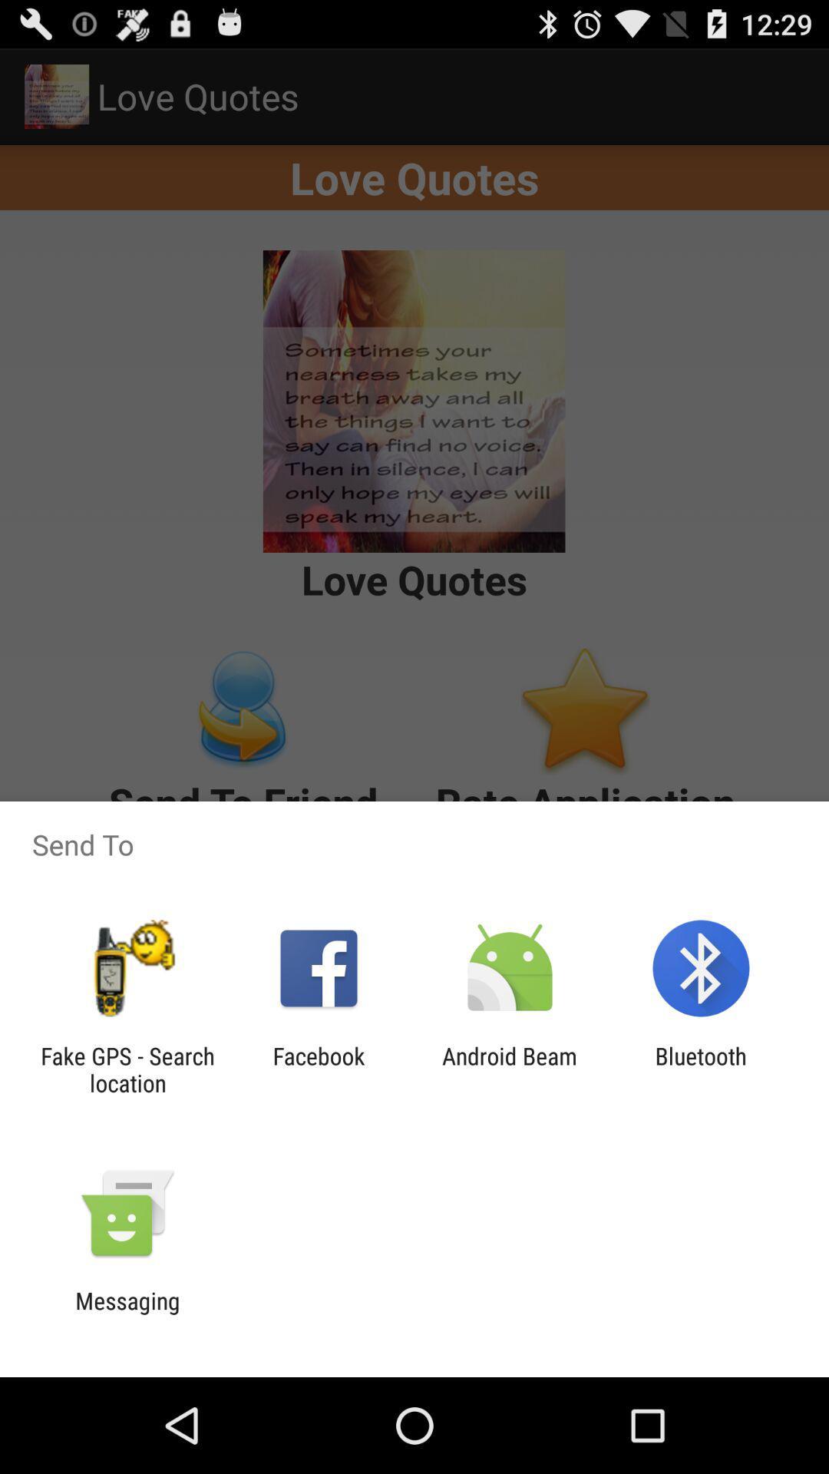  Describe the element at coordinates (127, 1069) in the screenshot. I see `the app to the left of the facebook` at that location.